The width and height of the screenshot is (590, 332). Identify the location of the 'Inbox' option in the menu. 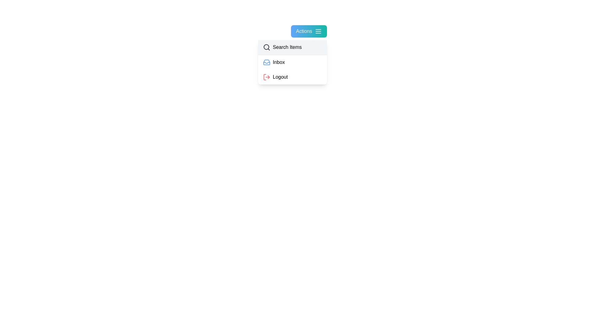
(292, 62).